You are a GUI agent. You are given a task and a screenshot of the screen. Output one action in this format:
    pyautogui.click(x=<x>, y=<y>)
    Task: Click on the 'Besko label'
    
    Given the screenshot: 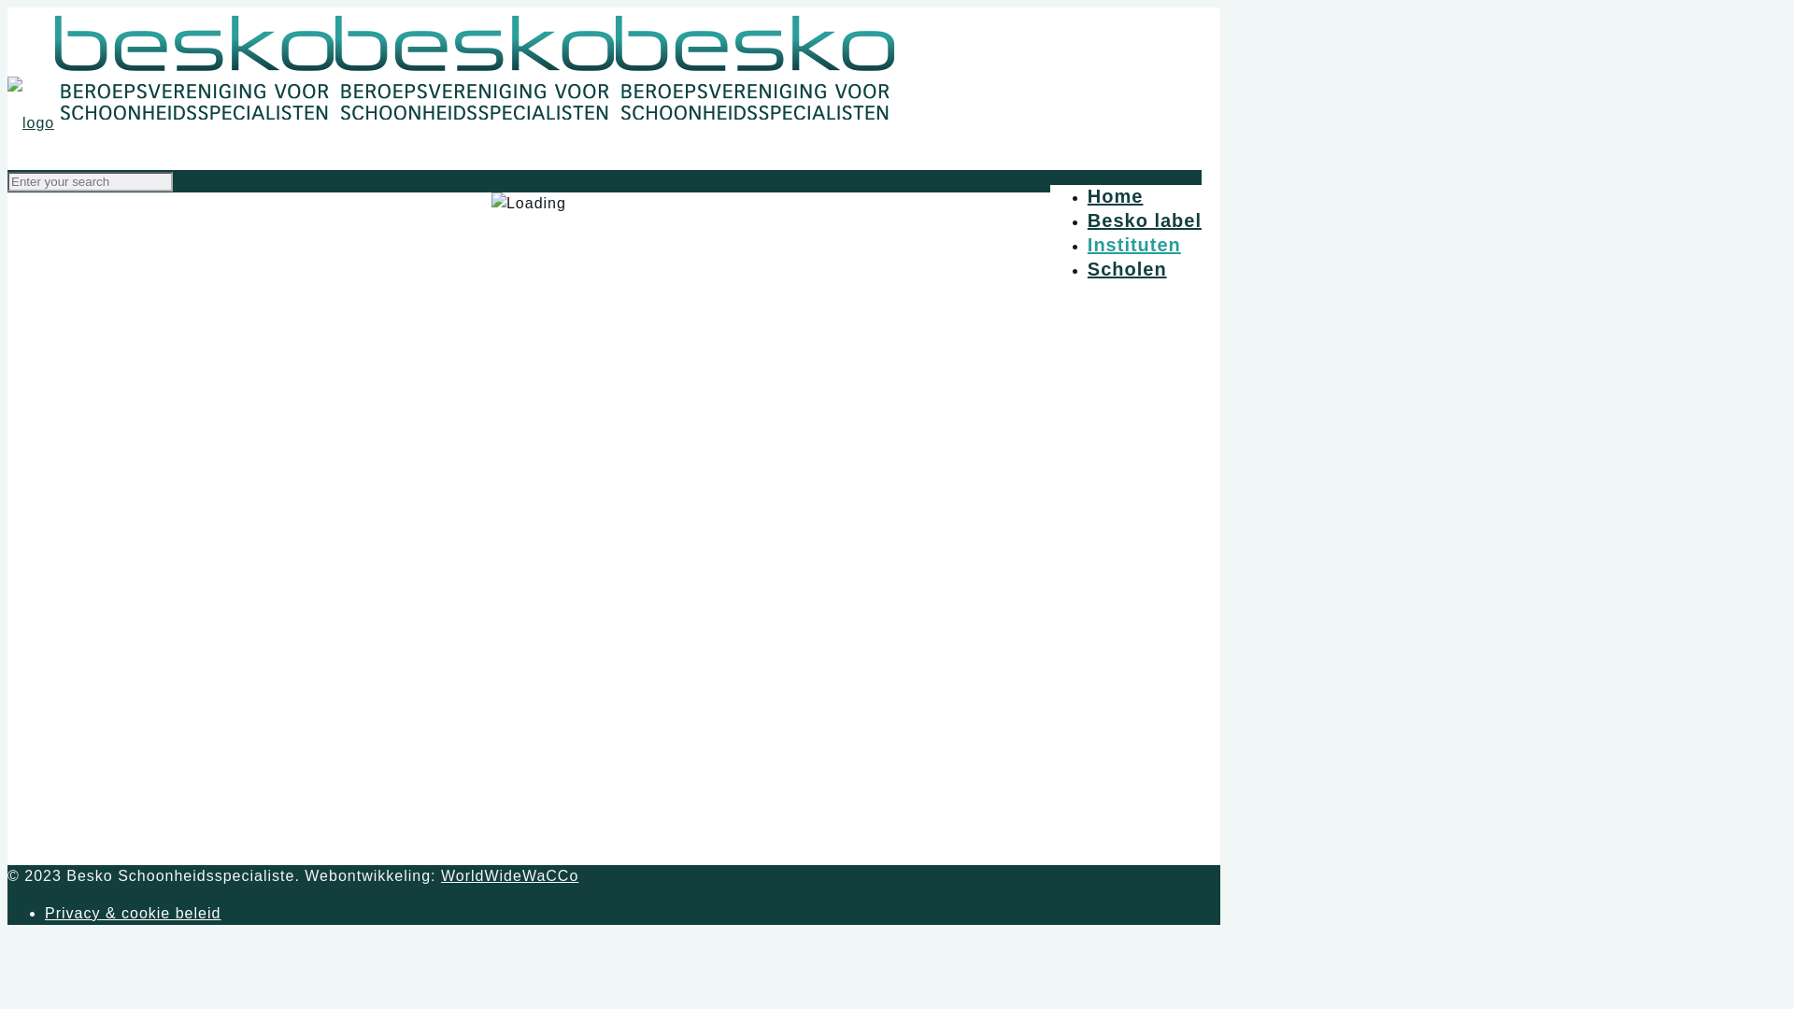 What is the action you would take?
    pyautogui.click(x=1087, y=219)
    